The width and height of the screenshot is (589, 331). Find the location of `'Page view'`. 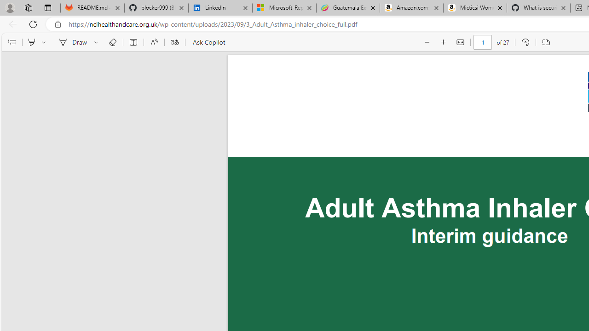

'Page view' is located at coordinates (545, 42).